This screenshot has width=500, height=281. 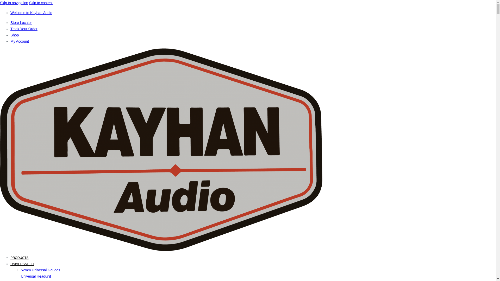 I want to click on 'Welcome to Kayhan Audio', so click(x=10, y=12).